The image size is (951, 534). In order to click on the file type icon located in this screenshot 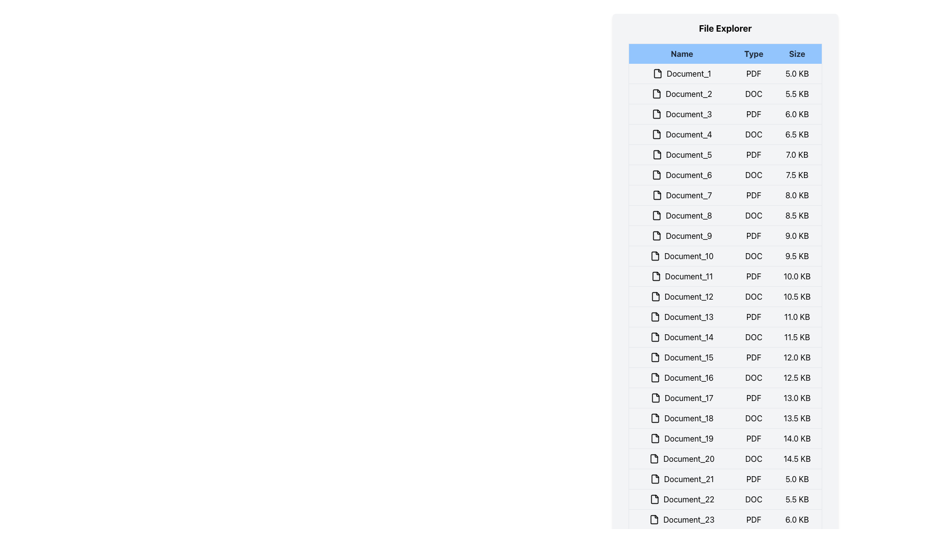, I will do `click(657, 195)`.